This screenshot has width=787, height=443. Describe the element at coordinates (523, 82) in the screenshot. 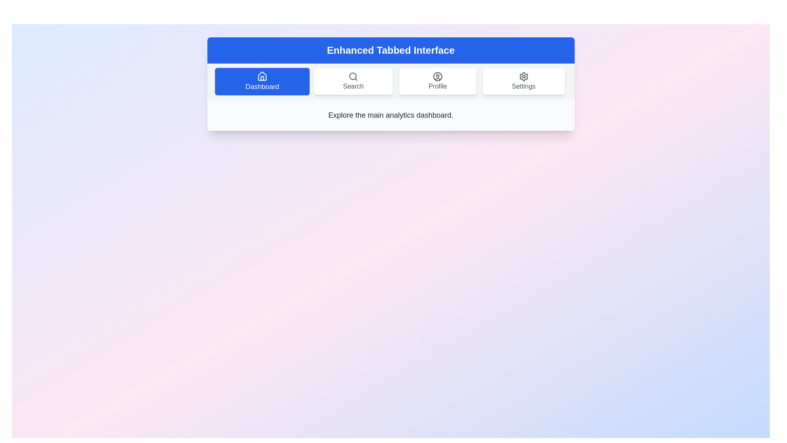

I see `the 'Settings' button, which features a gear-shaped icon and is the last option in the horizontal navigation menu` at that location.